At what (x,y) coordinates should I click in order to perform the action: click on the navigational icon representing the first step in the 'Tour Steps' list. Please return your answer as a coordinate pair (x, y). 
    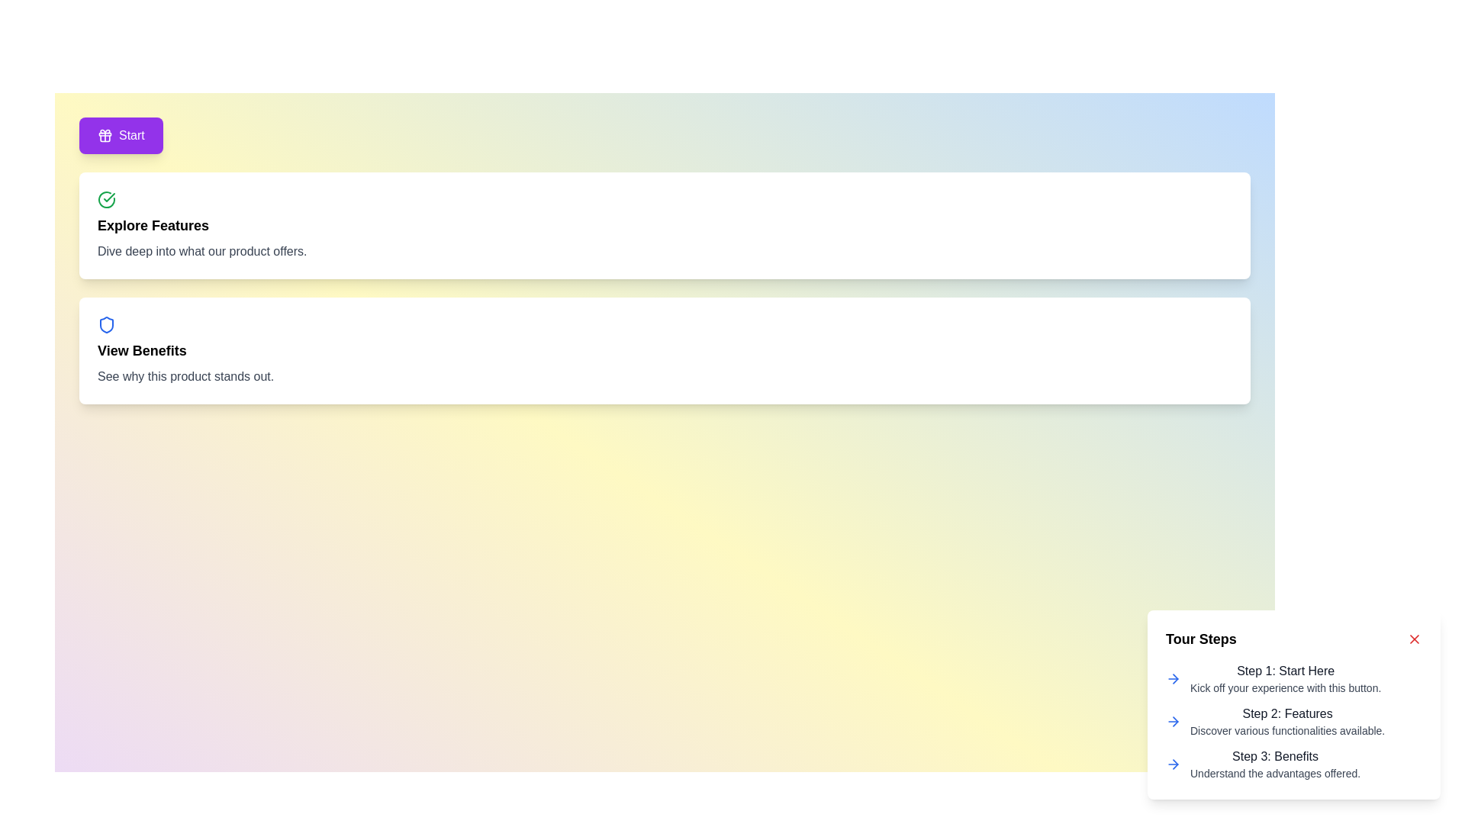
    Looking at the image, I should click on (1172, 678).